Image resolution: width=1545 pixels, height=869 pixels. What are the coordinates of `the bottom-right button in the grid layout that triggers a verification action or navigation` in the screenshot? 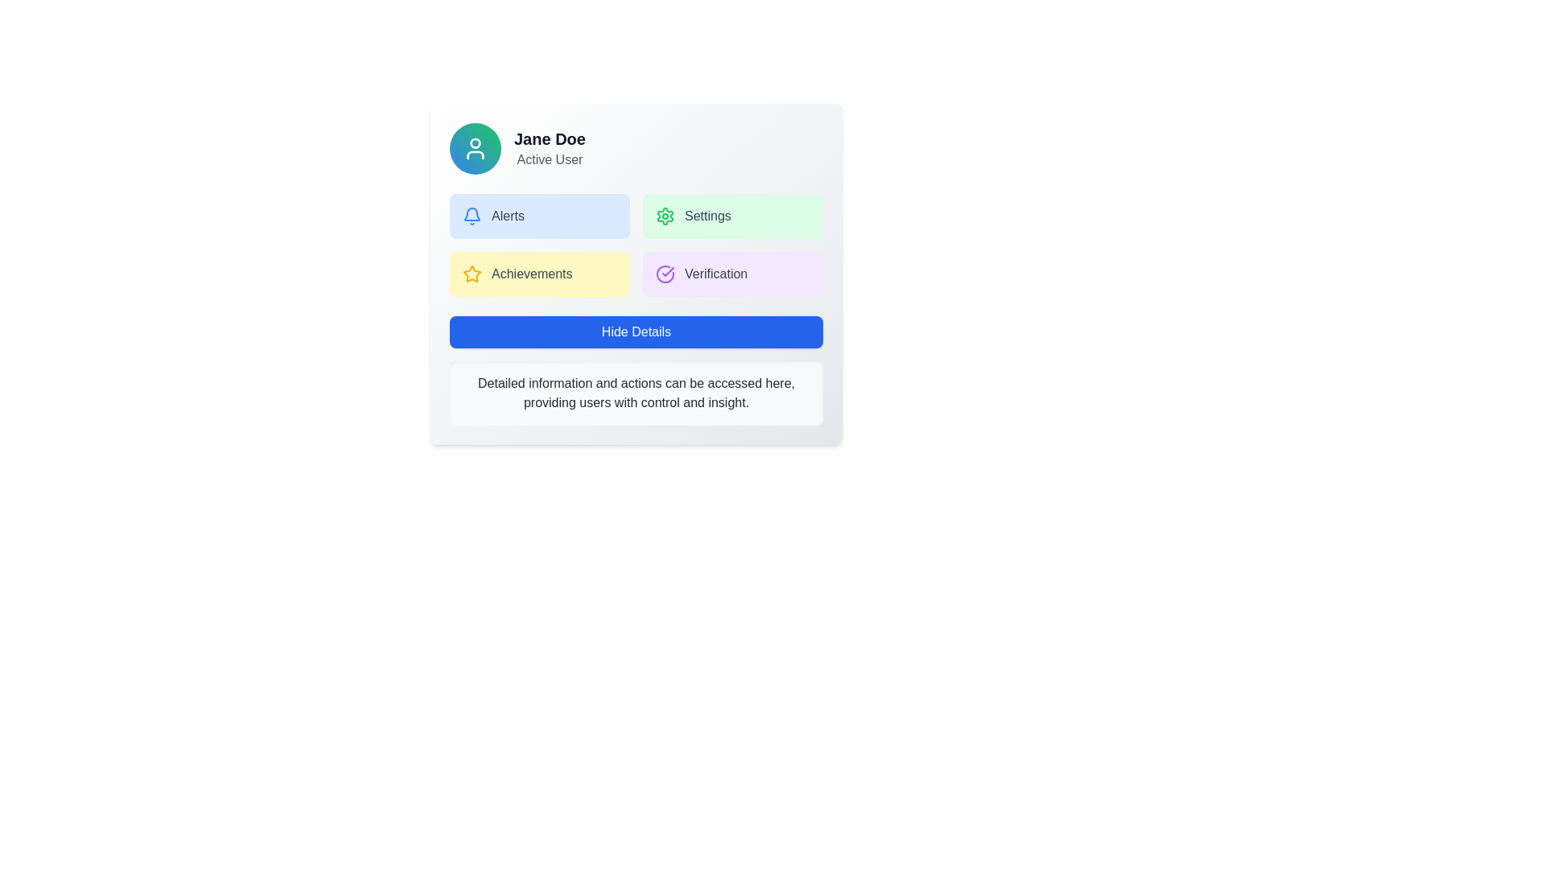 It's located at (732, 273).